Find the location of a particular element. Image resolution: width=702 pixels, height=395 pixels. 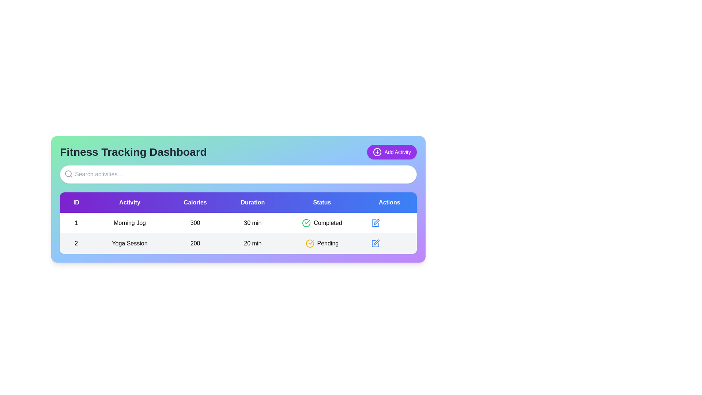

the 'Completed' text label located in the first row of the table under the 'Status' column, adjacent to a green check icon is located at coordinates (327, 222).